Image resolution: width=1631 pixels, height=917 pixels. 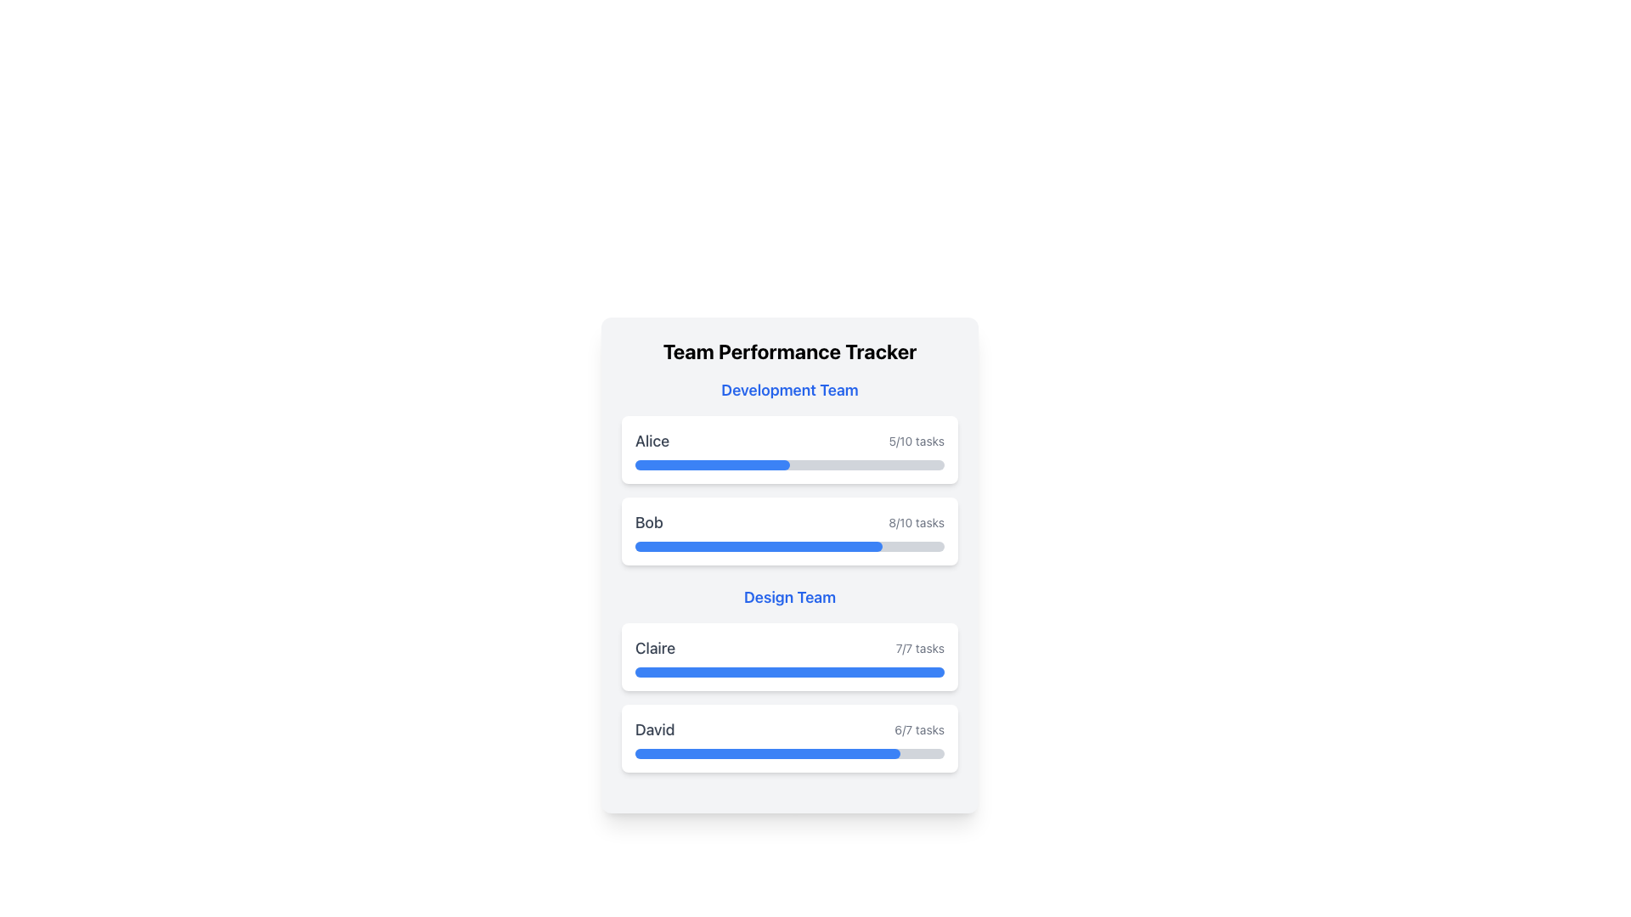 What do you see at coordinates (918, 729) in the screenshot?
I see `the informational text label displaying task progress for 'David' in the 'Design Team' section of the performance tracker interface` at bounding box center [918, 729].